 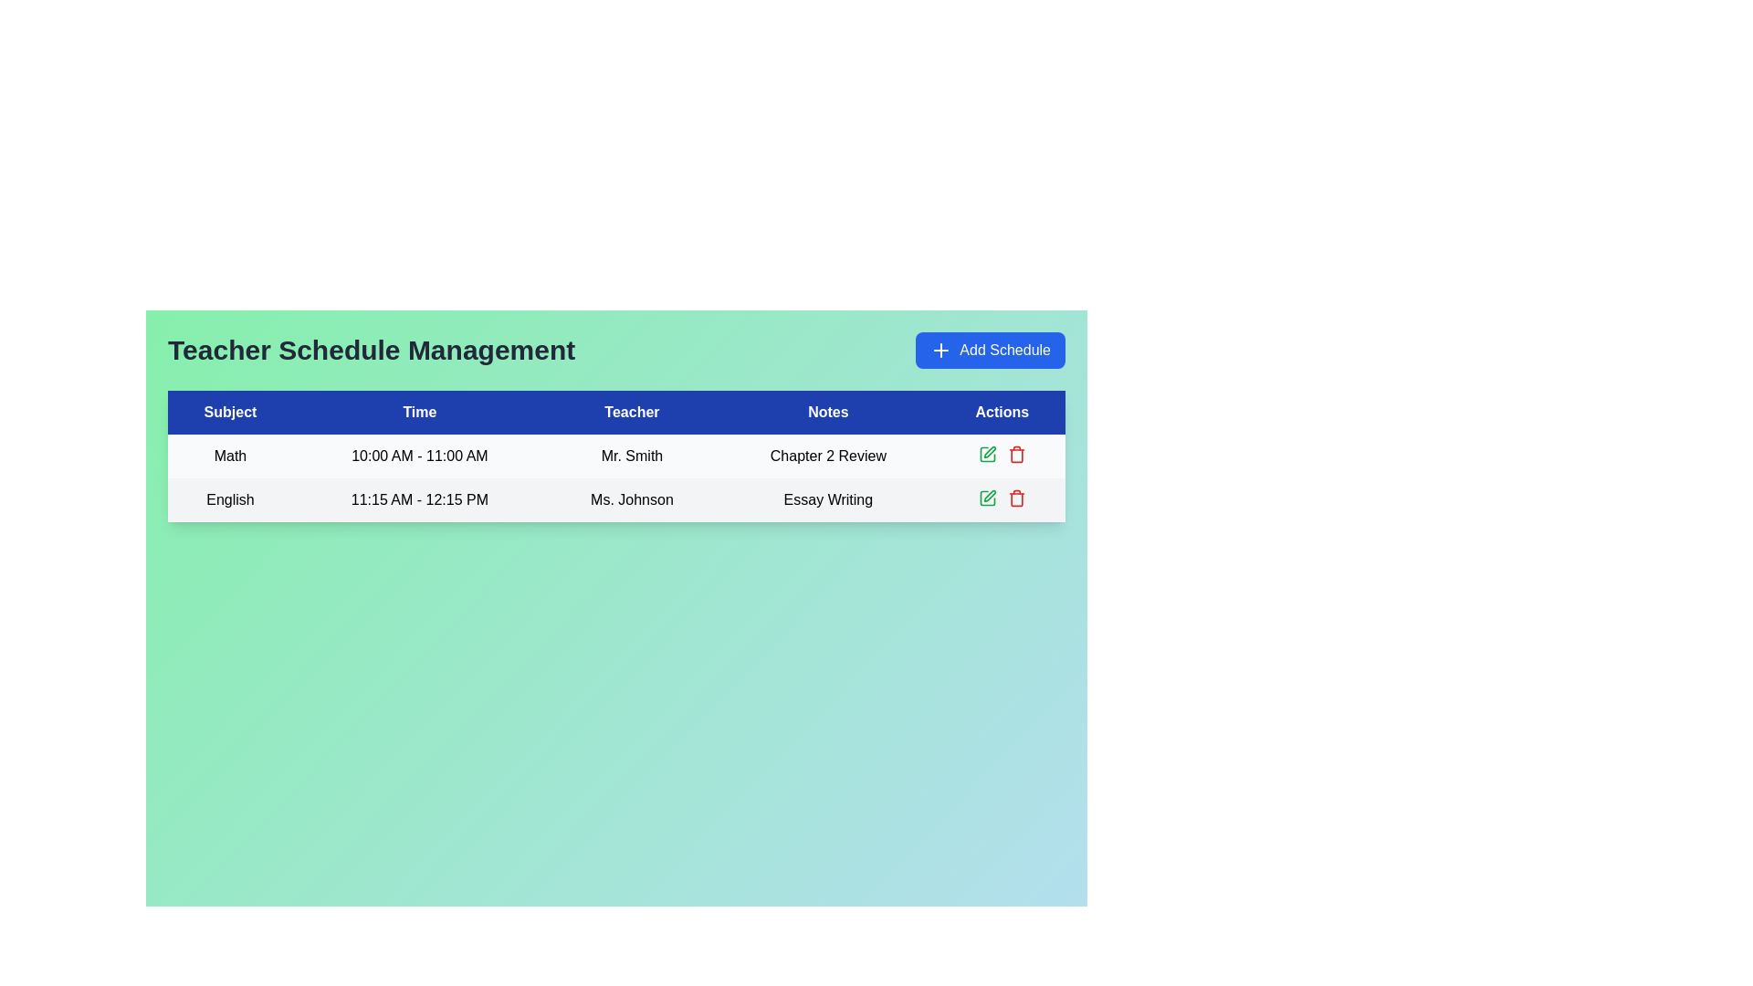 What do you see at coordinates (1015, 498) in the screenshot?
I see `the delete button located in the 'Actions' column of the second row in the table to initiate the delete action` at bounding box center [1015, 498].